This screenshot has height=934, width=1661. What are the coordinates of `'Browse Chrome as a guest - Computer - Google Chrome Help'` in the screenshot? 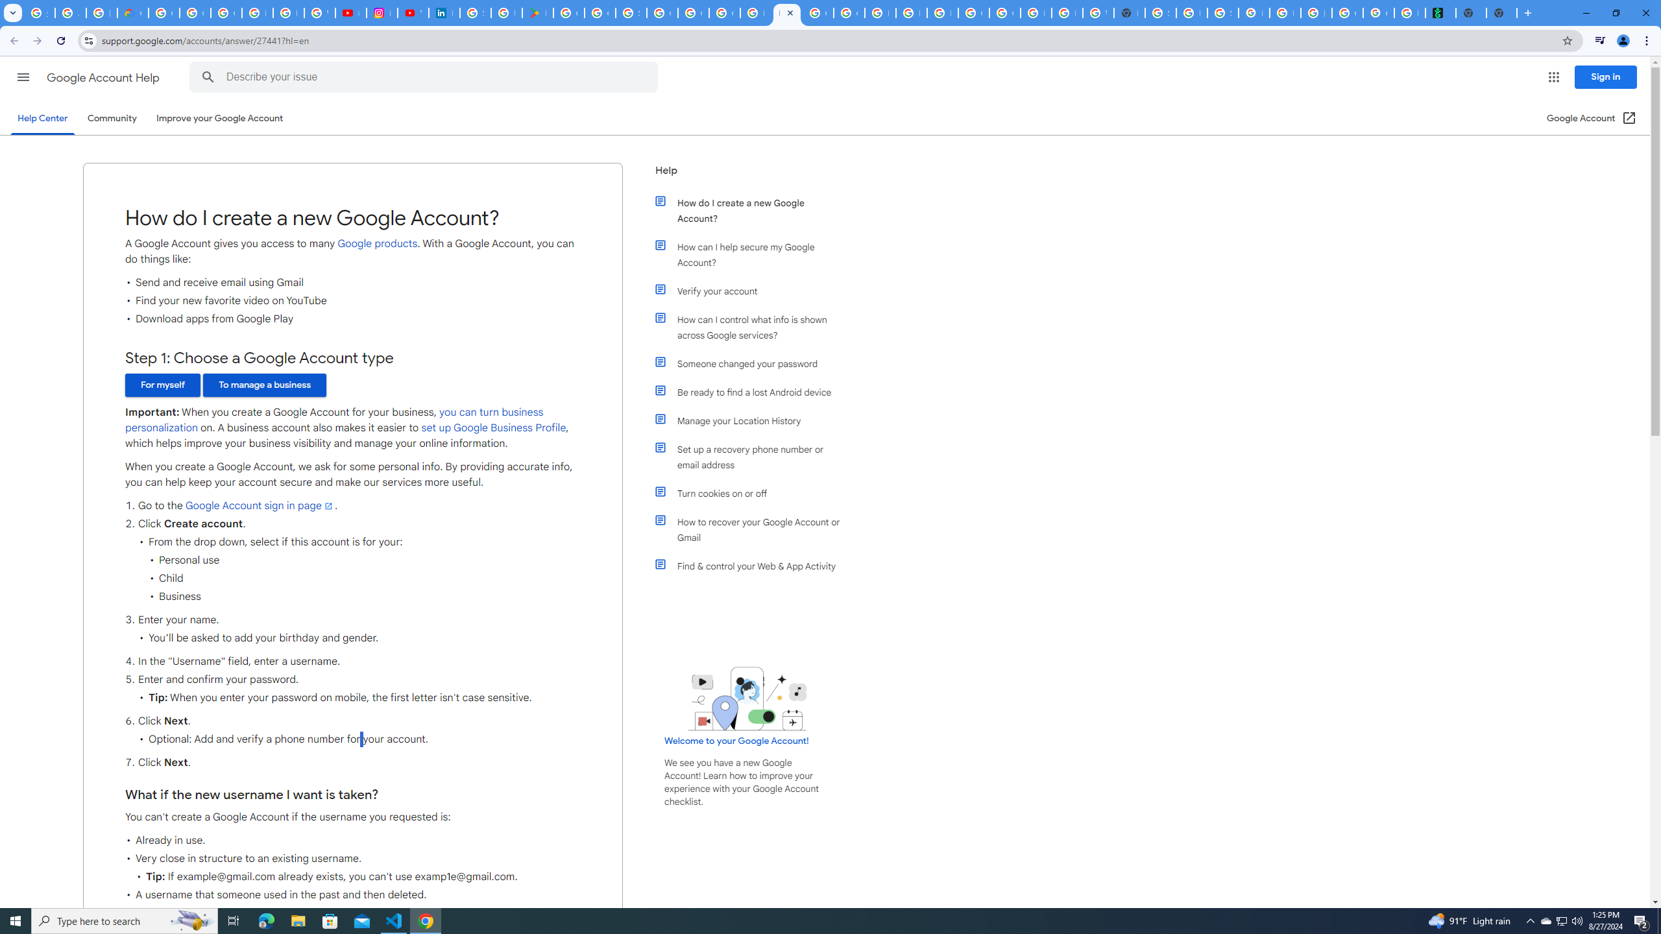 It's located at (880, 12).